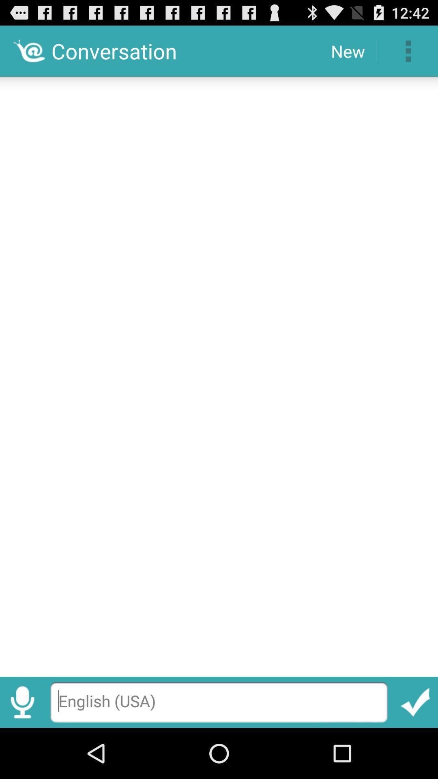  Describe the element at coordinates (219, 373) in the screenshot. I see `the item below the new item` at that location.